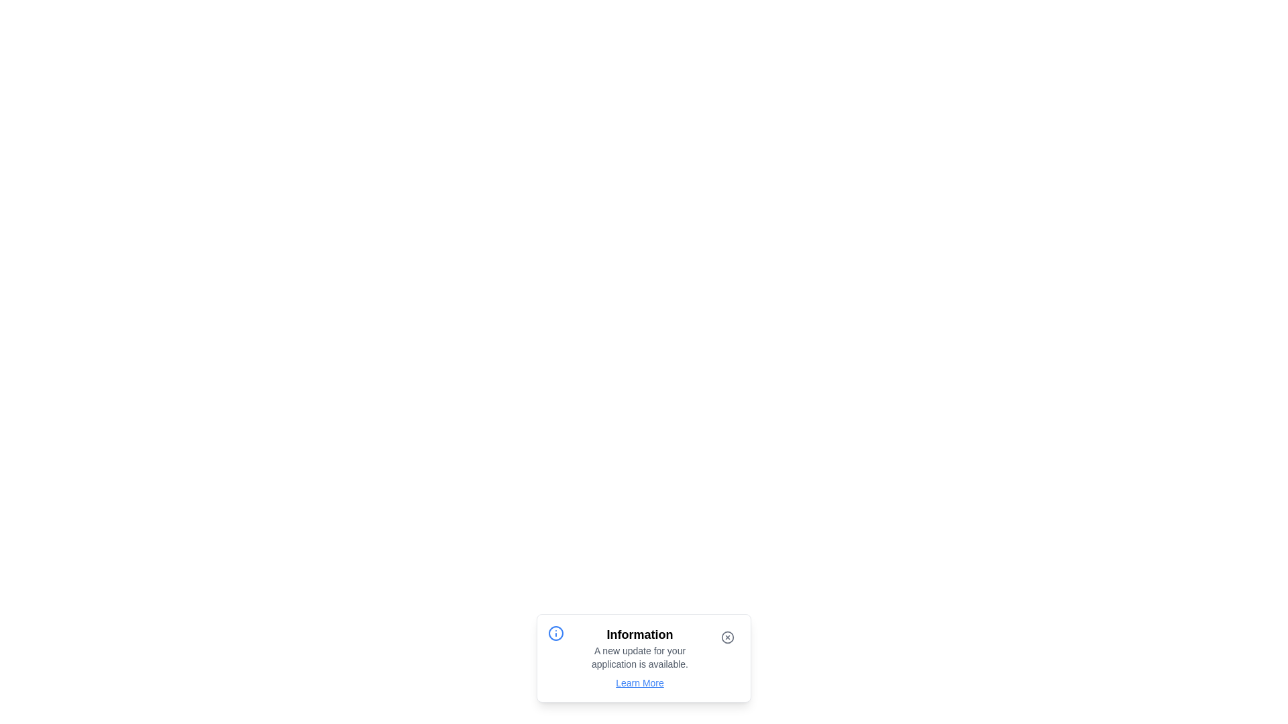 Image resolution: width=1288 pixels, height=724 pixels. I want to click on the close button to observe hover effects, so click(727, 637).